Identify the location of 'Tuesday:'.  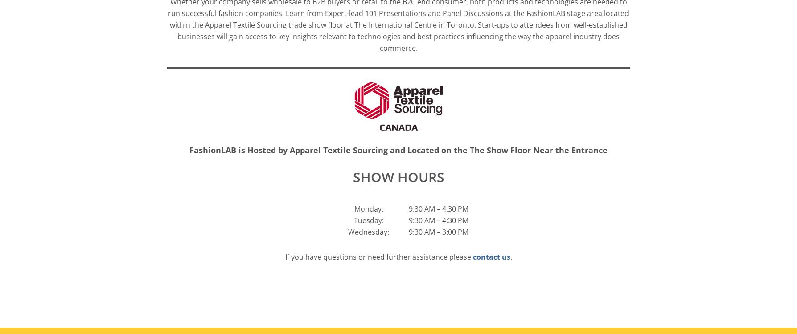
(368, 220).